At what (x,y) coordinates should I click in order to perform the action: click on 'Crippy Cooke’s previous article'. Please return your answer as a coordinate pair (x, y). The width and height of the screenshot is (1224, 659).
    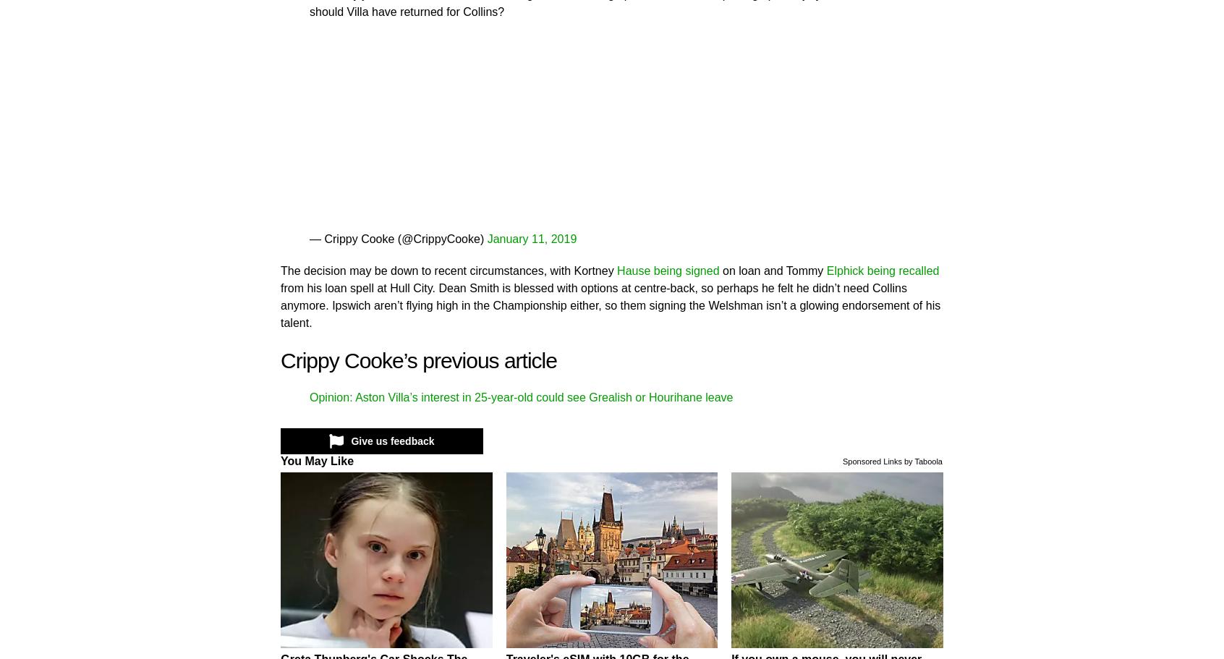
    Looking at the image, I should click on (417, 360).